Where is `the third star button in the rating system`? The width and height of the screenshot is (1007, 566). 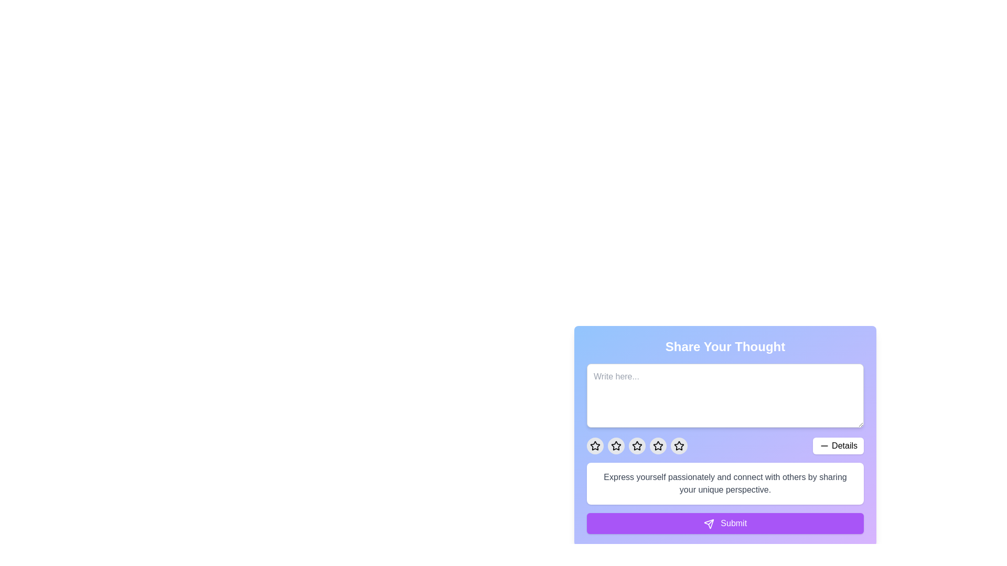 the third star button in the rating system is located at coordinates (636, 446).